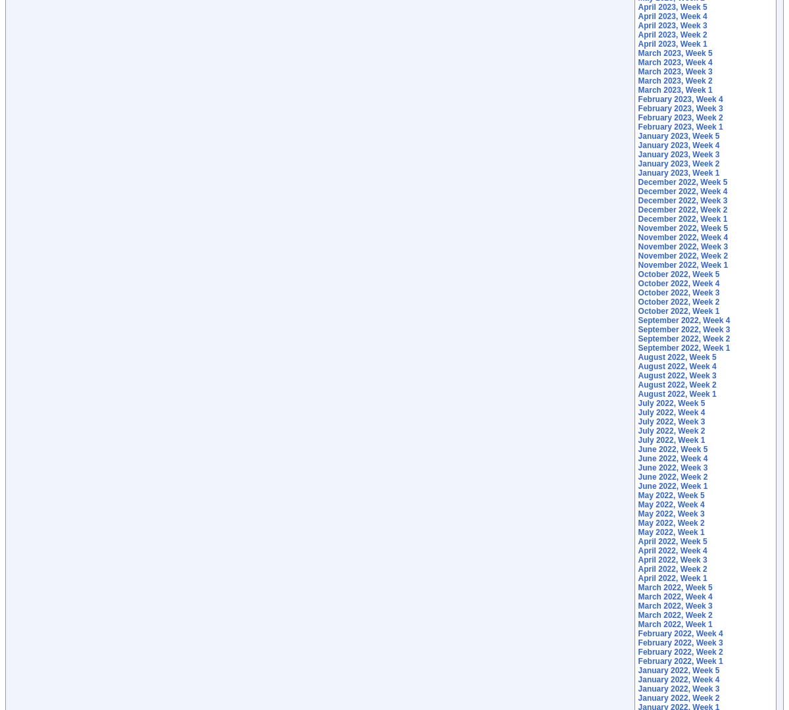  Describe the element at coordinates (679, 136) in the screenshot. I see `'January 2023, Week 5'` at that location.